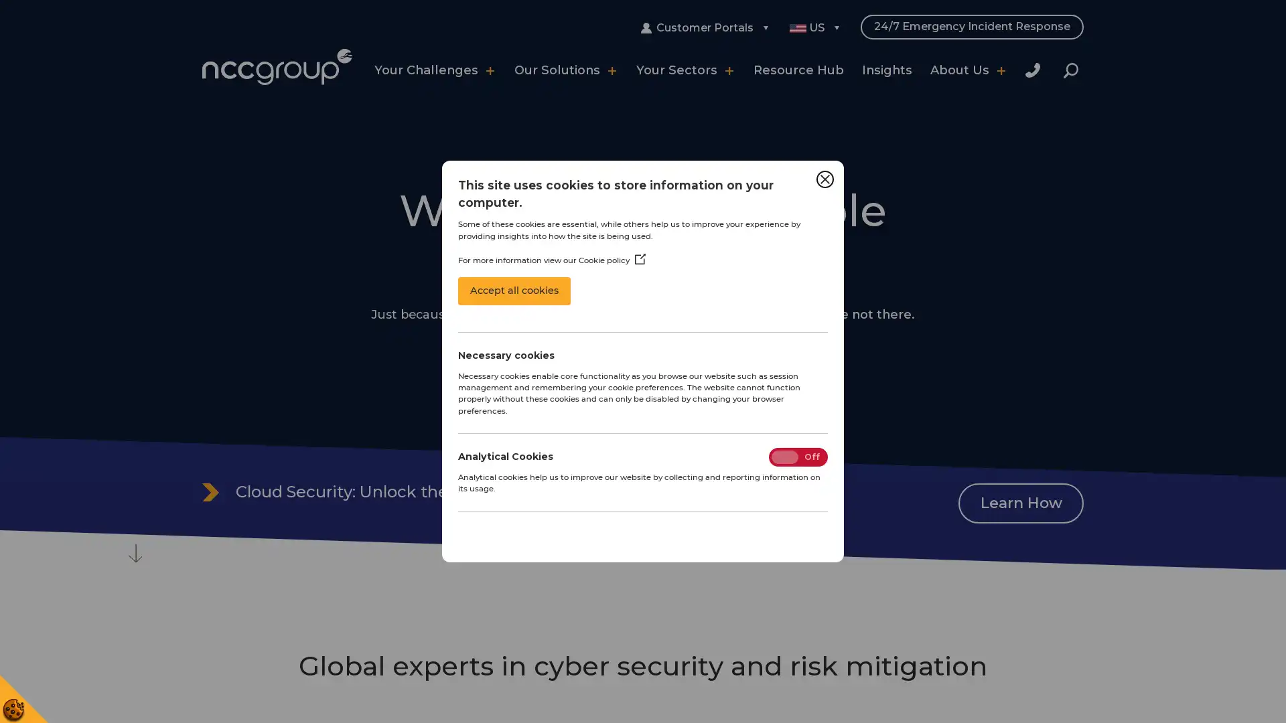 Image resolution: width=1286 pixels, height=723 pixels. Describe the element at coordinates (1027, 117) in the screenshot. I see `Close Search` at that location.